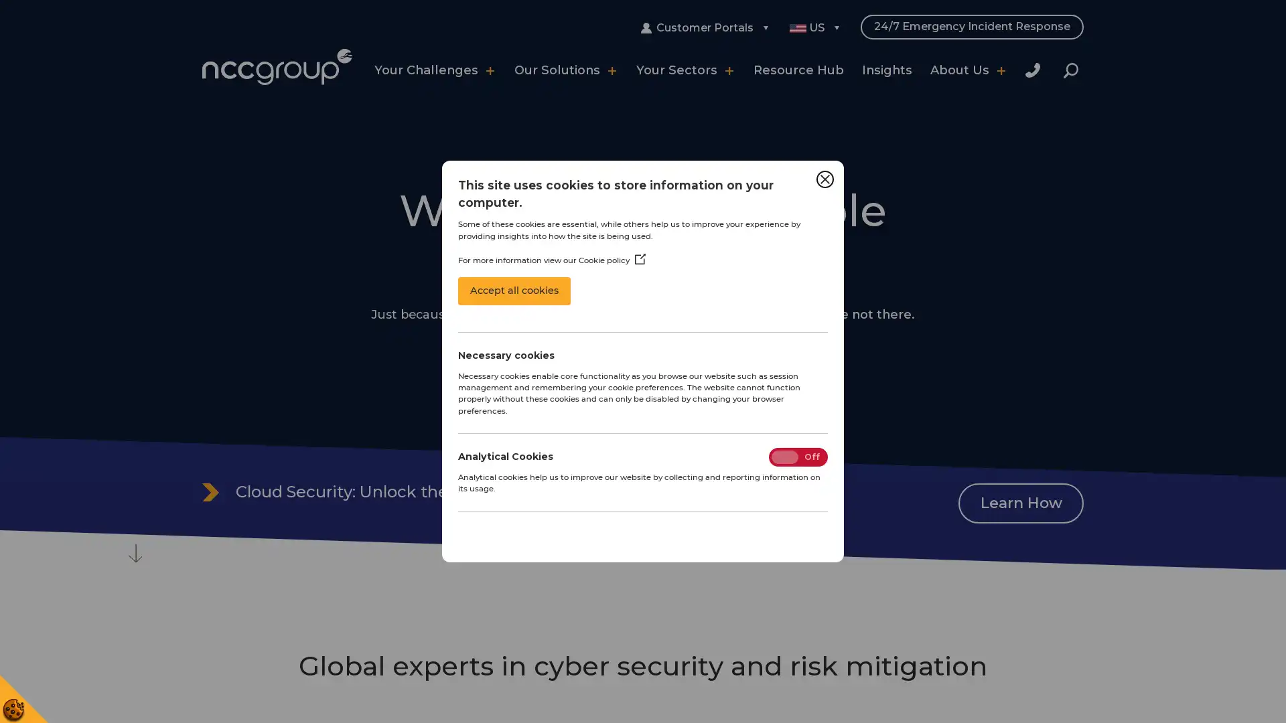 Image resolution: width=1286 pixels, height=723 pixels. Describe the element at coordinates (1027, 117) in the screenshot. I see `Close Search` at that location.